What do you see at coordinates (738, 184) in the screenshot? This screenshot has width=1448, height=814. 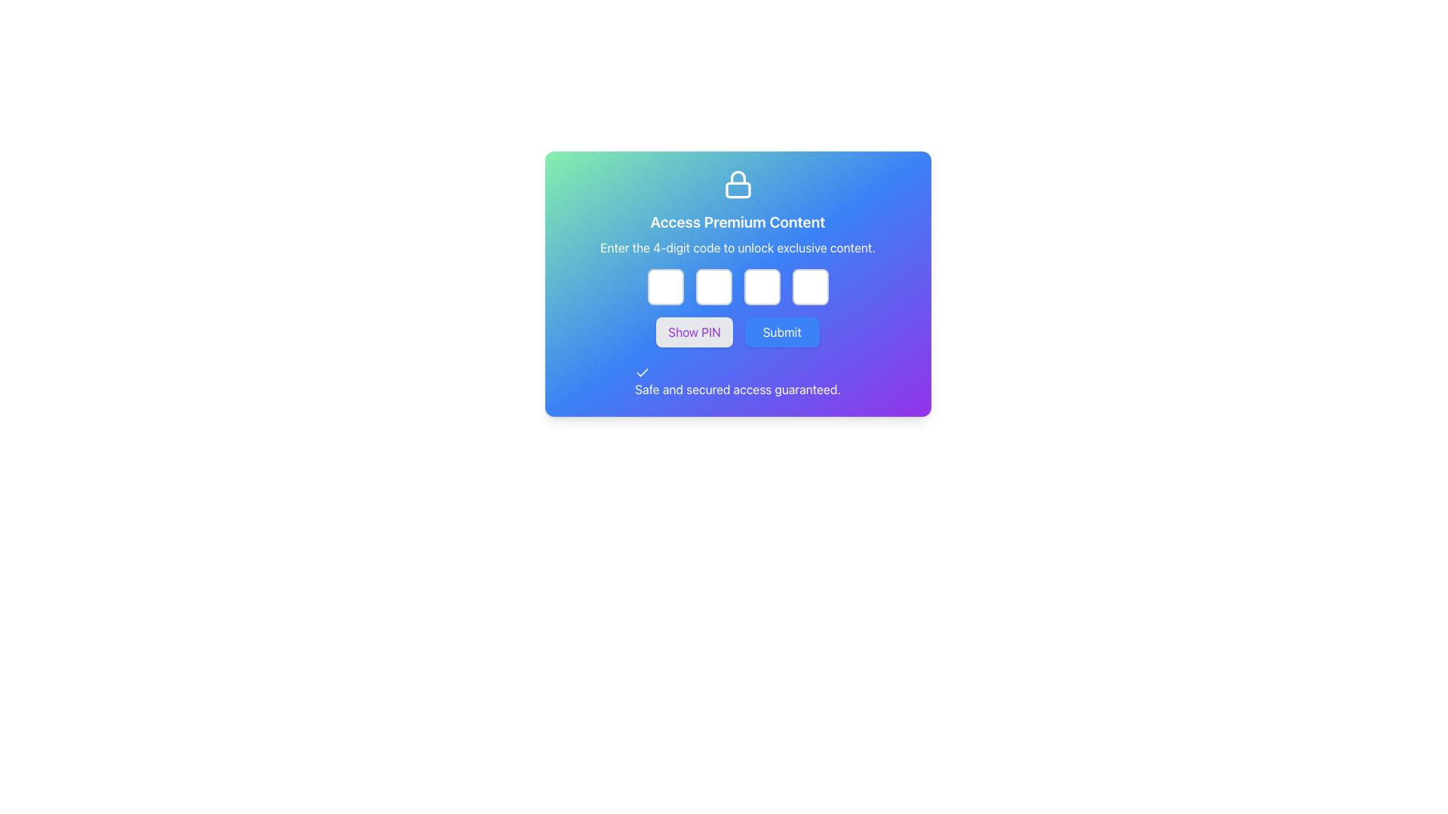 I see `the padlock icon, which is styled with white lines against a gradient background and signifies security, located at the top of the card UI` at bounding box center [738, 184].